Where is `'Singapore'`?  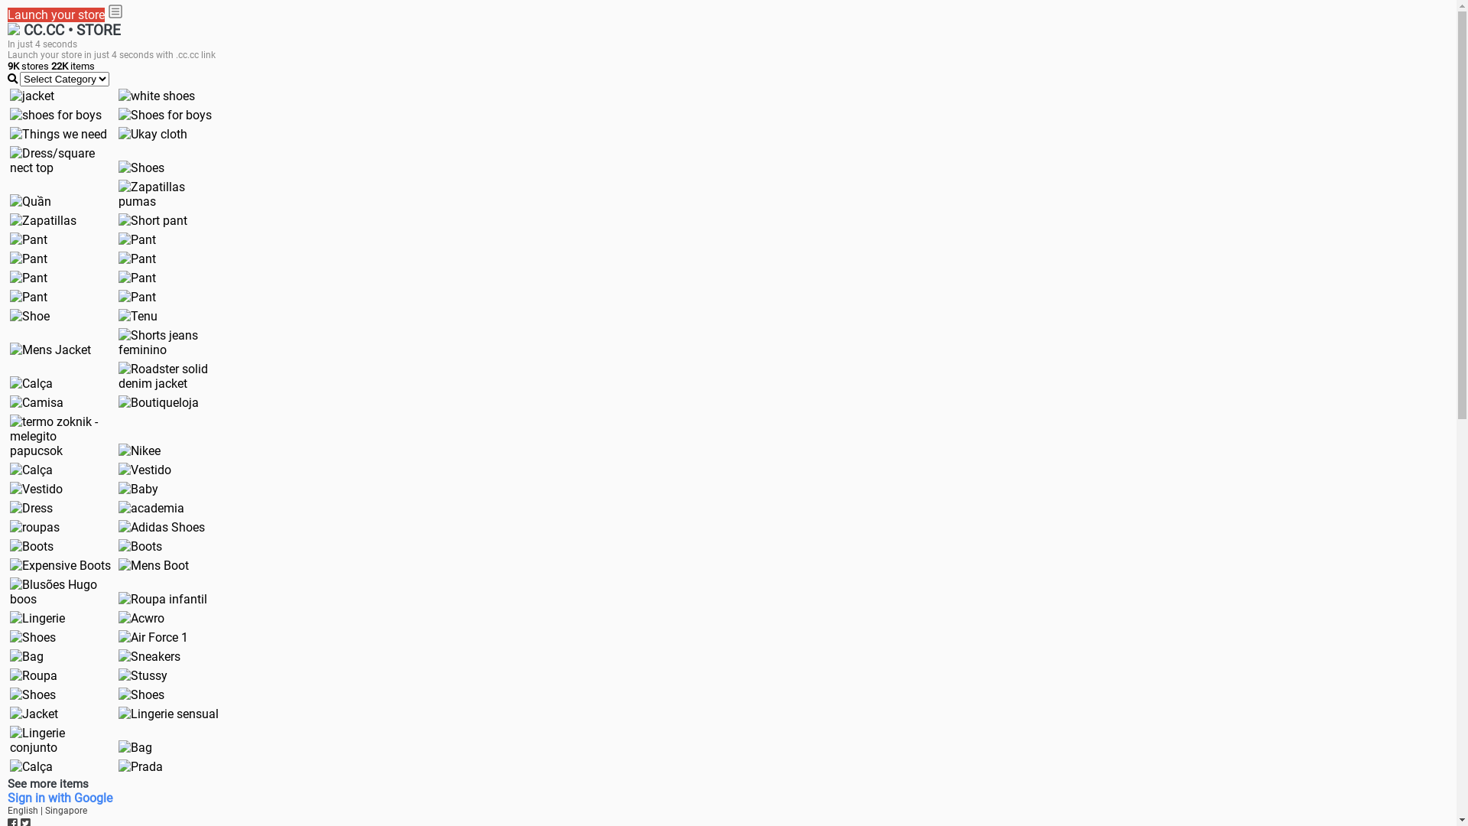 'Singapore' is located at coordinates (65, 810).